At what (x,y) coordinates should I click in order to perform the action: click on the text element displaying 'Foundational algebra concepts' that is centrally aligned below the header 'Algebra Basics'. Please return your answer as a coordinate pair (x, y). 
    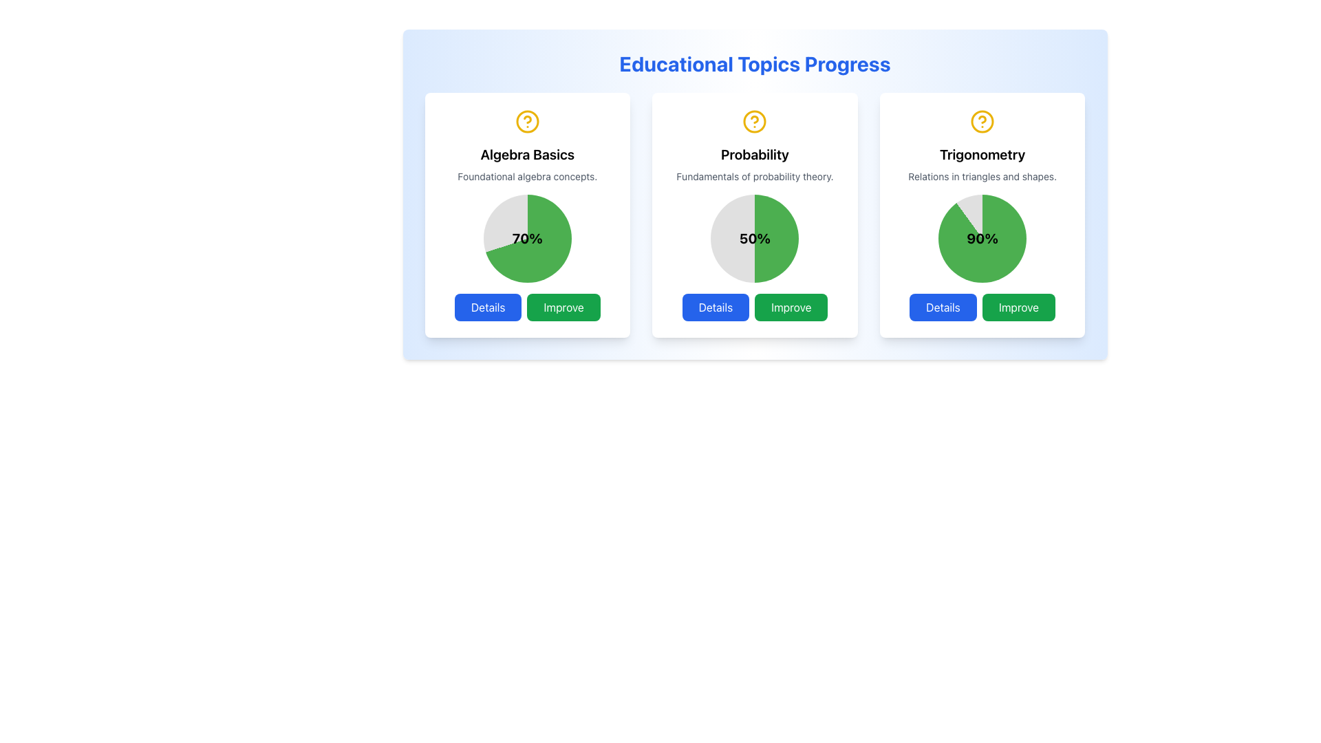
    Looking at the image, I should click on (526, 176).